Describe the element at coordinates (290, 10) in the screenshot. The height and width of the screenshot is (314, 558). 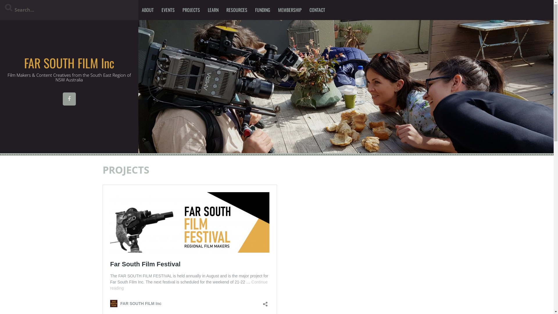
I see `'MEMBERSHIP'` at that location.